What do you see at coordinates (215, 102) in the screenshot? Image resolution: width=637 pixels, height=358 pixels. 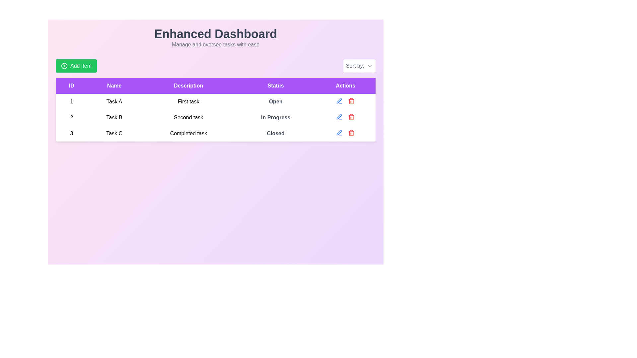 I see `on the first row of the data table titled 'Enhanced Dashboard', which contains the task name 'Task A'` at bounding box center [215, 102].